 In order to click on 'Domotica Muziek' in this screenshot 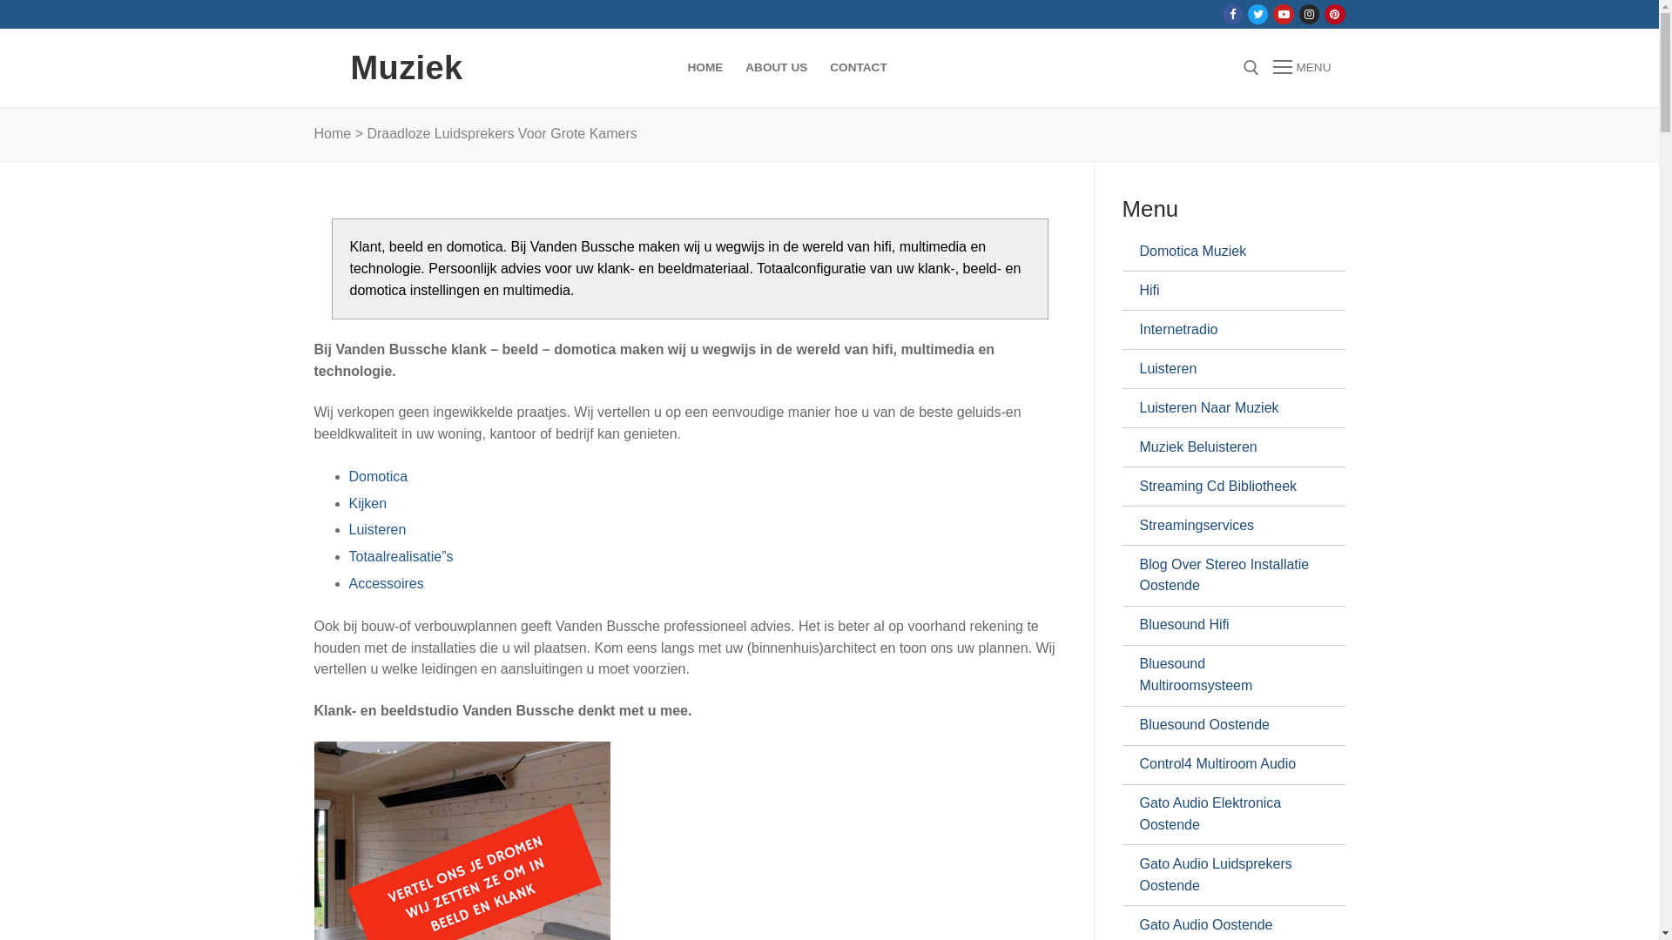, I will do `click(1139, 252)`.